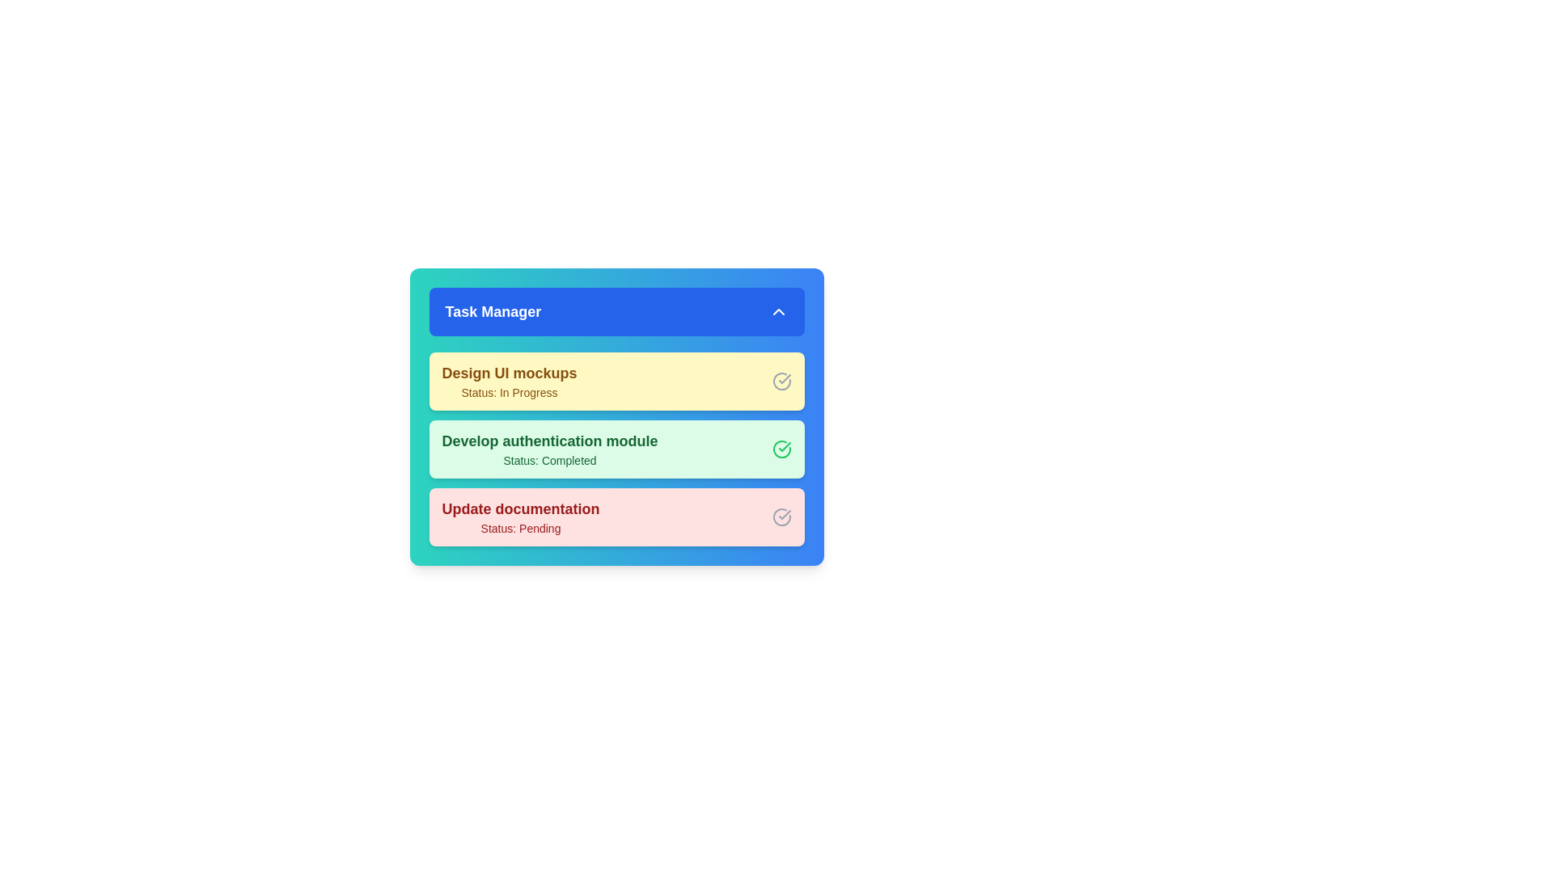  Describe the element at coordinates (616, 311) in the screenshot. I see `the header button to toggle the visibility of the task list` at that location.